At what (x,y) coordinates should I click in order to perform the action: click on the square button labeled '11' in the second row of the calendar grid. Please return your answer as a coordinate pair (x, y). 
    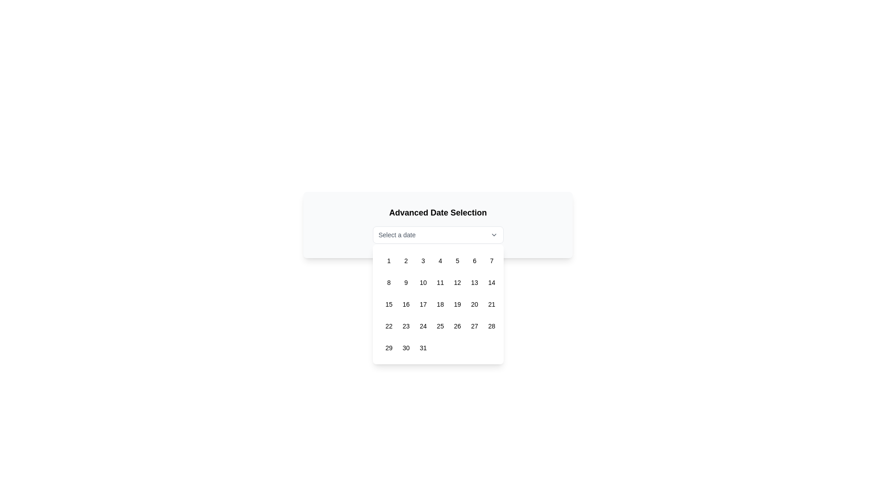
    Looking at the image, I should click on (440, 282).